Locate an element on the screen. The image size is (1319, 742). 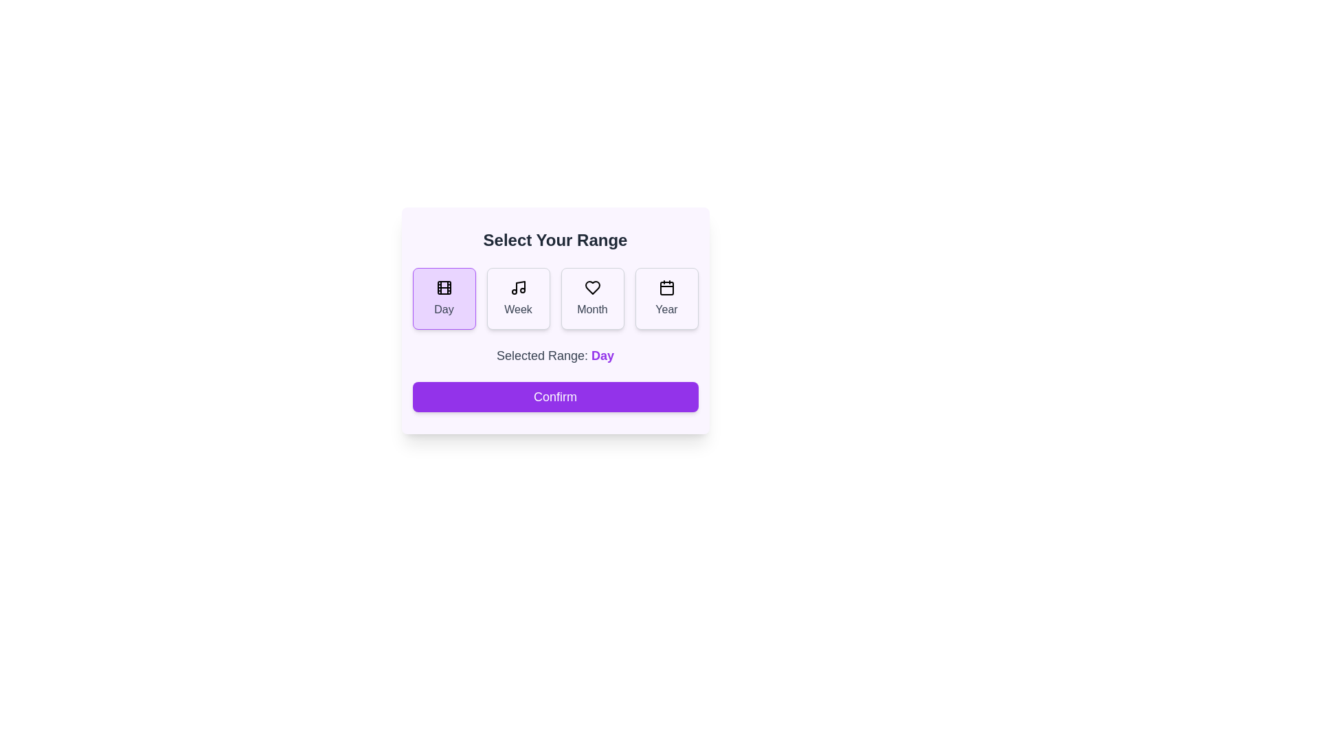
the decorative shape representing the date within the calendar icon, which is the fourth button from the left in the row of buttons near the top of the interface is located at coordinates (666, 288).